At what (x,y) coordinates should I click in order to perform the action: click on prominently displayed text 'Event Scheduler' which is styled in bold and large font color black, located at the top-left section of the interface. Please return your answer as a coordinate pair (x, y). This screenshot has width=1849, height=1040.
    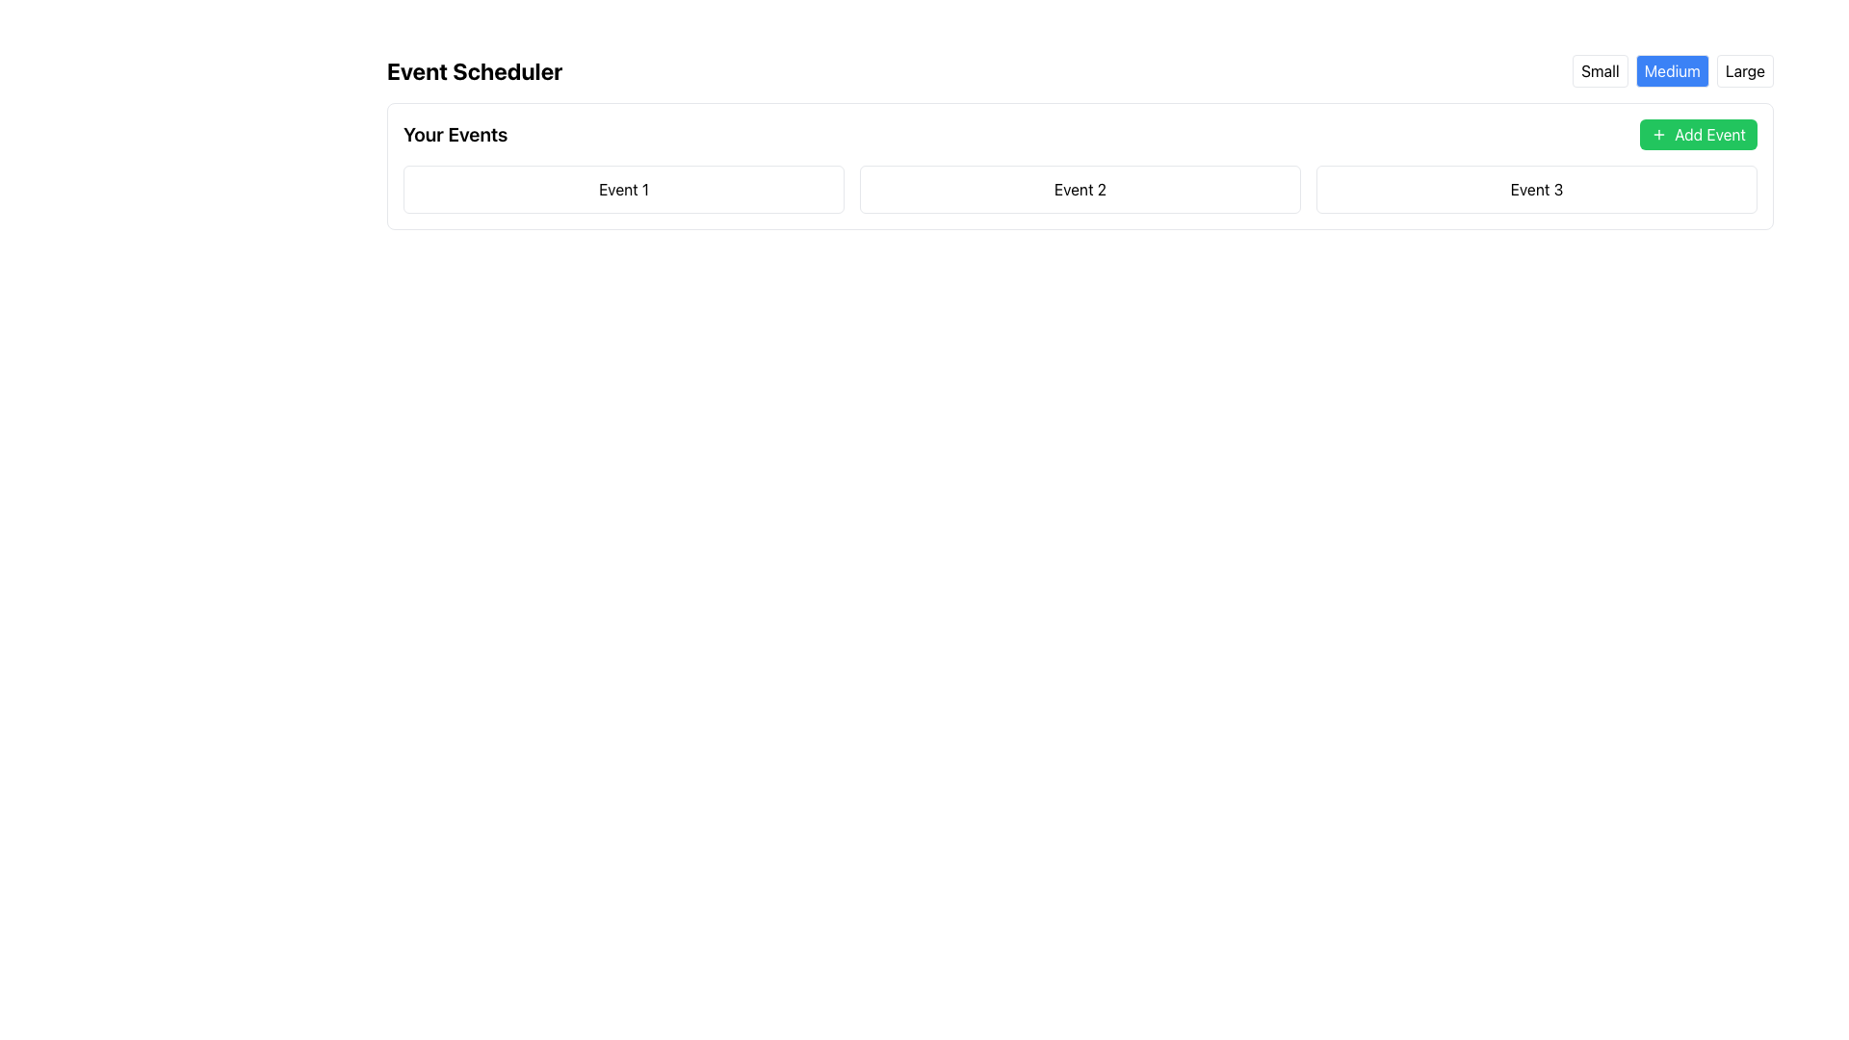
    Looking at the image, I should click on (475, 69).